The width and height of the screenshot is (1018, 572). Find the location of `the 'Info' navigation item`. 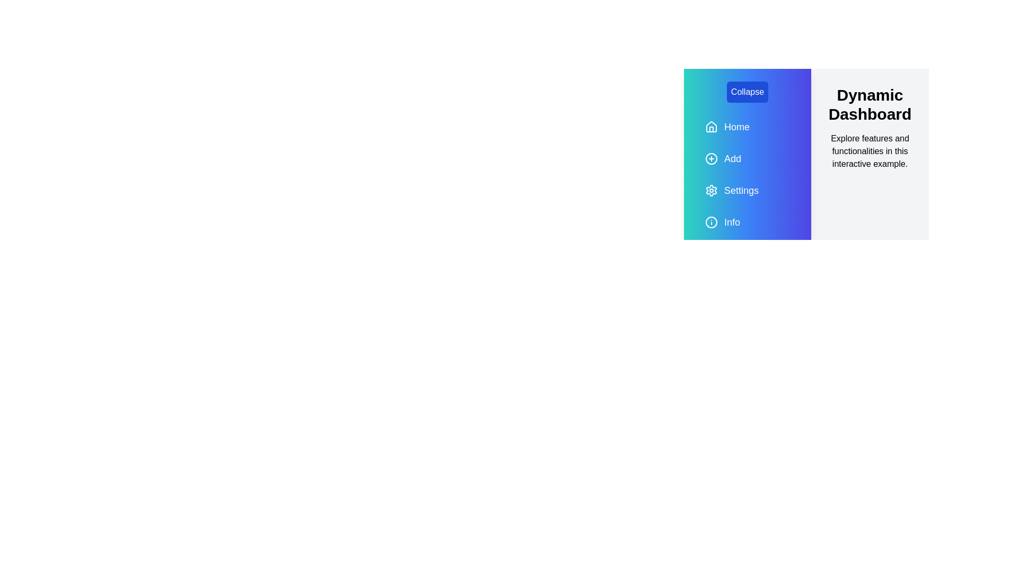

the 'Info' navigation item is located at coordinates (747, 222).